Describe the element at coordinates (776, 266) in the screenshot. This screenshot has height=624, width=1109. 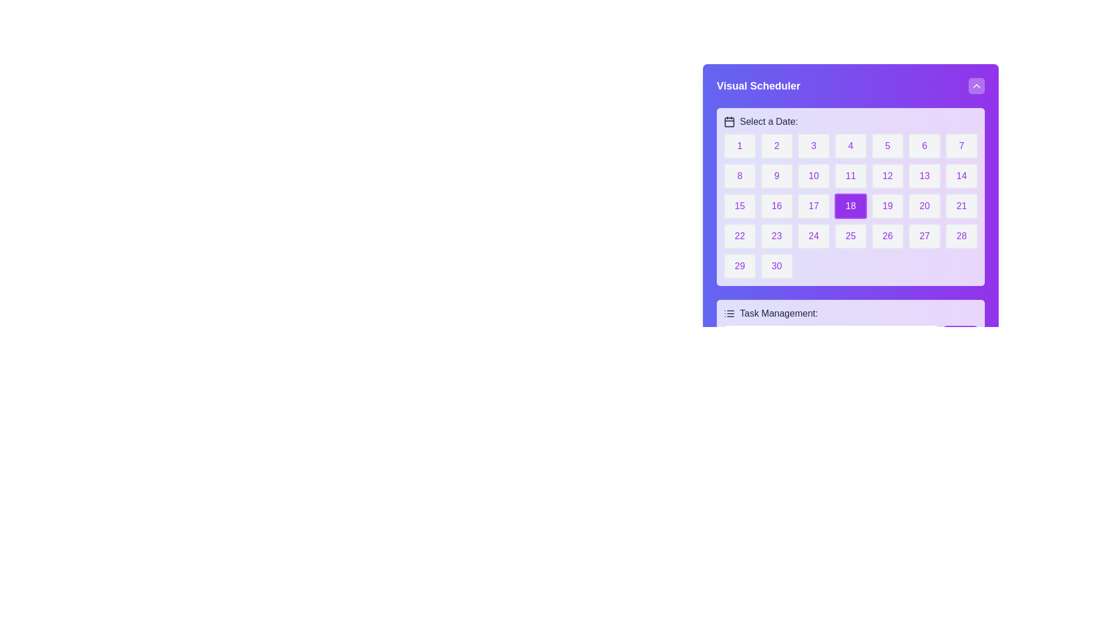
I see `the button for selecting the date '30' in the calendar widget, located in the last row, second column of the grid layout` at that location.